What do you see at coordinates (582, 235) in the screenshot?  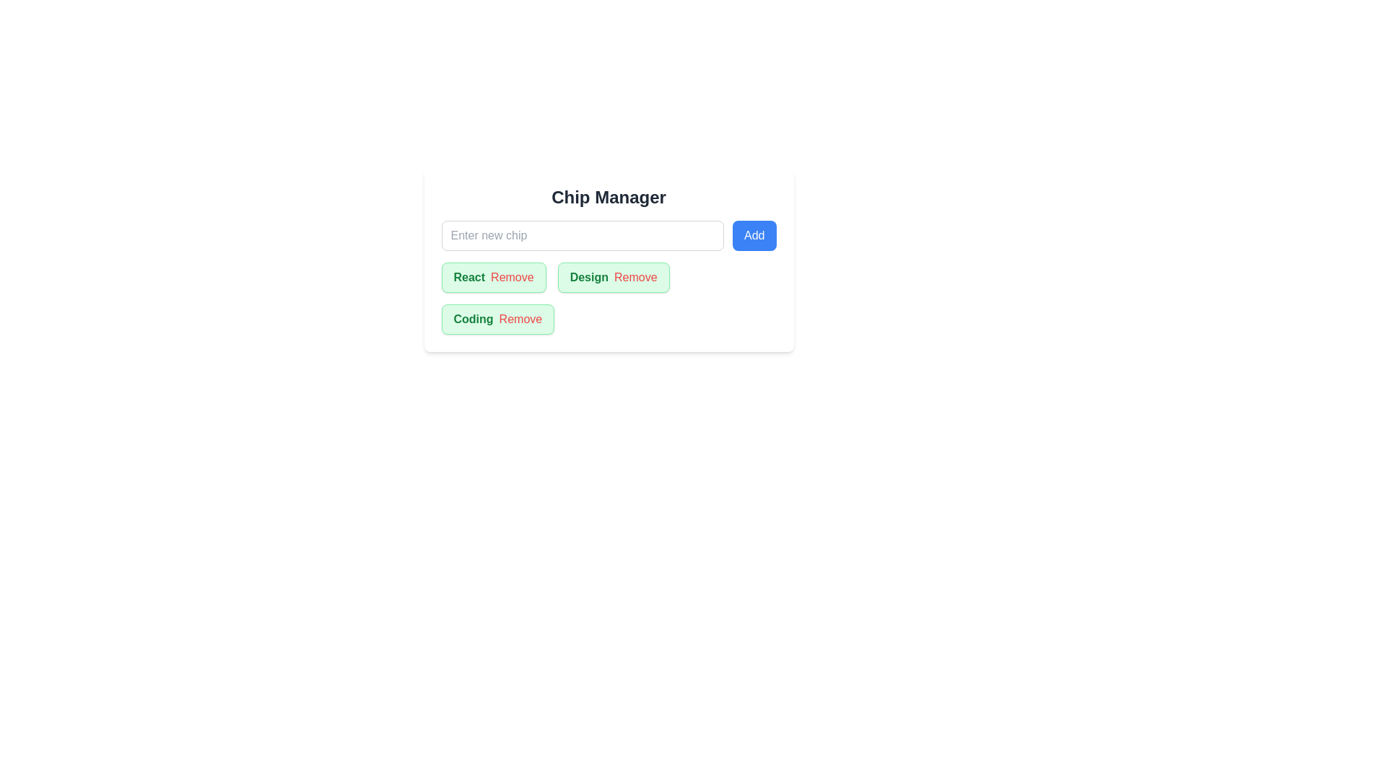 I see `the input field and type the desired text` at bounding box center [582, 235].